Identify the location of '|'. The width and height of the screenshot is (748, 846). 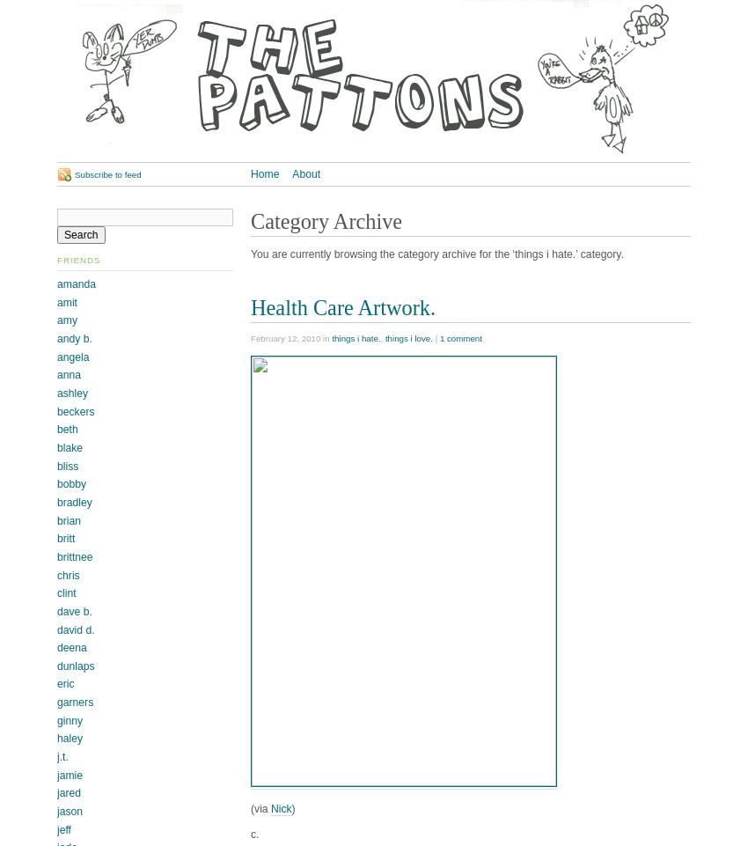
(431, 337).